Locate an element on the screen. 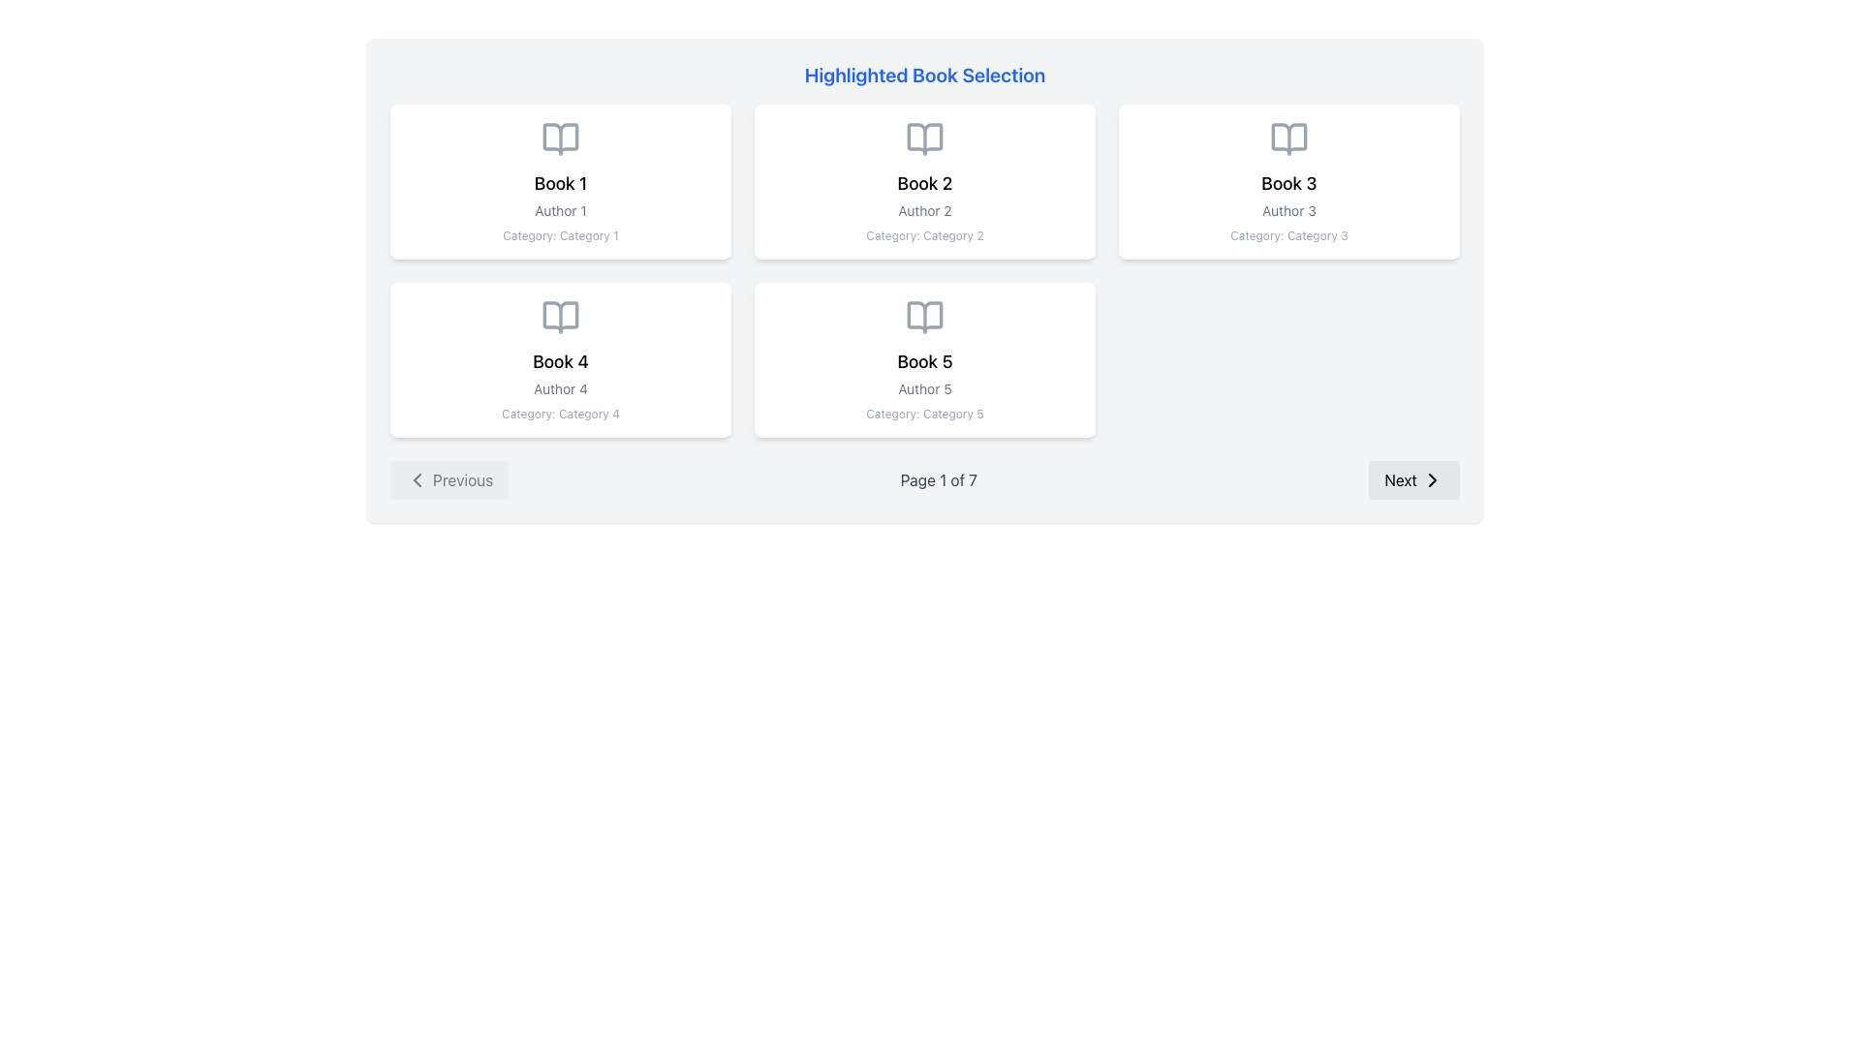 The width and height of the screenshot is (1860, 1046). the text label reading 'Author 5' which is styled with small-sized text and is located within the card labeled 'Book 5' is located at coordinates (924, 388).